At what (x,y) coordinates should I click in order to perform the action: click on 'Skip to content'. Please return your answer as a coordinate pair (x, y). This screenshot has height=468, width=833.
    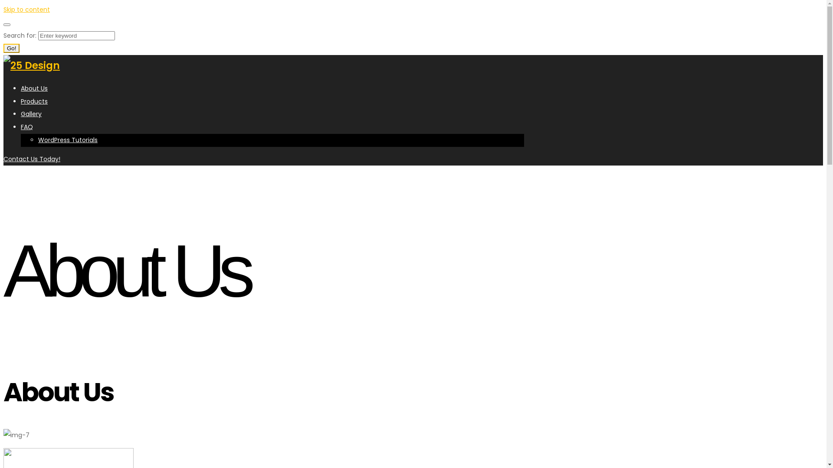
    Looking at the image, I should click on (26, 10).